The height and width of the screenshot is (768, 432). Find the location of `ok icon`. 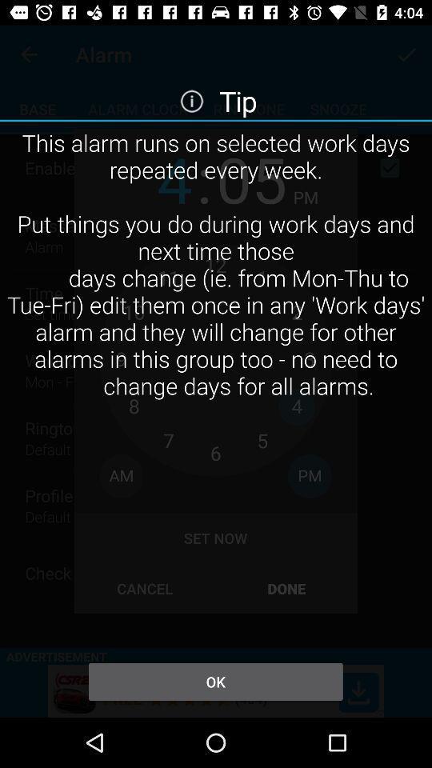

ok icon is located at coordinates (215, 681).